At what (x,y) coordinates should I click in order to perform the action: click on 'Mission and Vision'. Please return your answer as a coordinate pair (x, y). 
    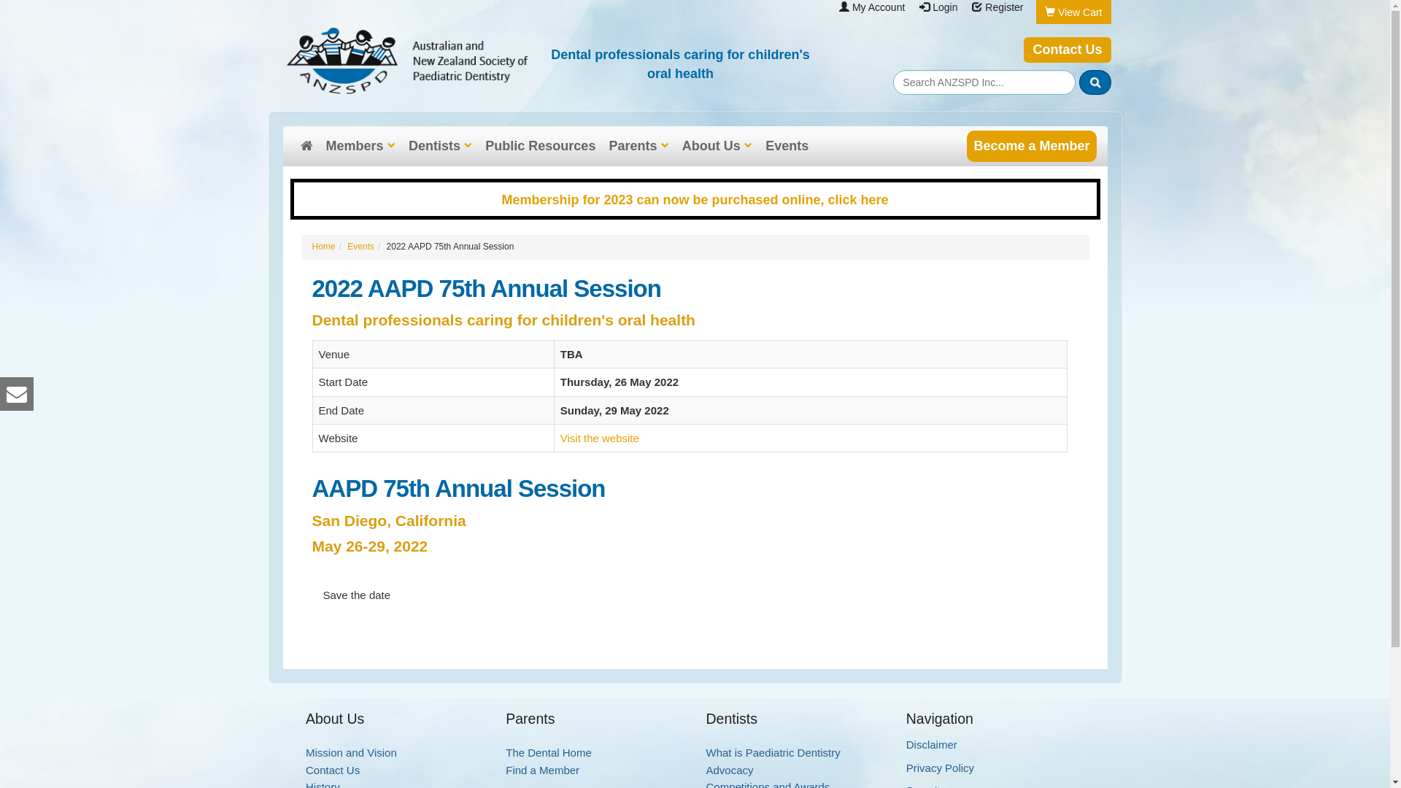
    Looking at the image, I should click on (351, 752).